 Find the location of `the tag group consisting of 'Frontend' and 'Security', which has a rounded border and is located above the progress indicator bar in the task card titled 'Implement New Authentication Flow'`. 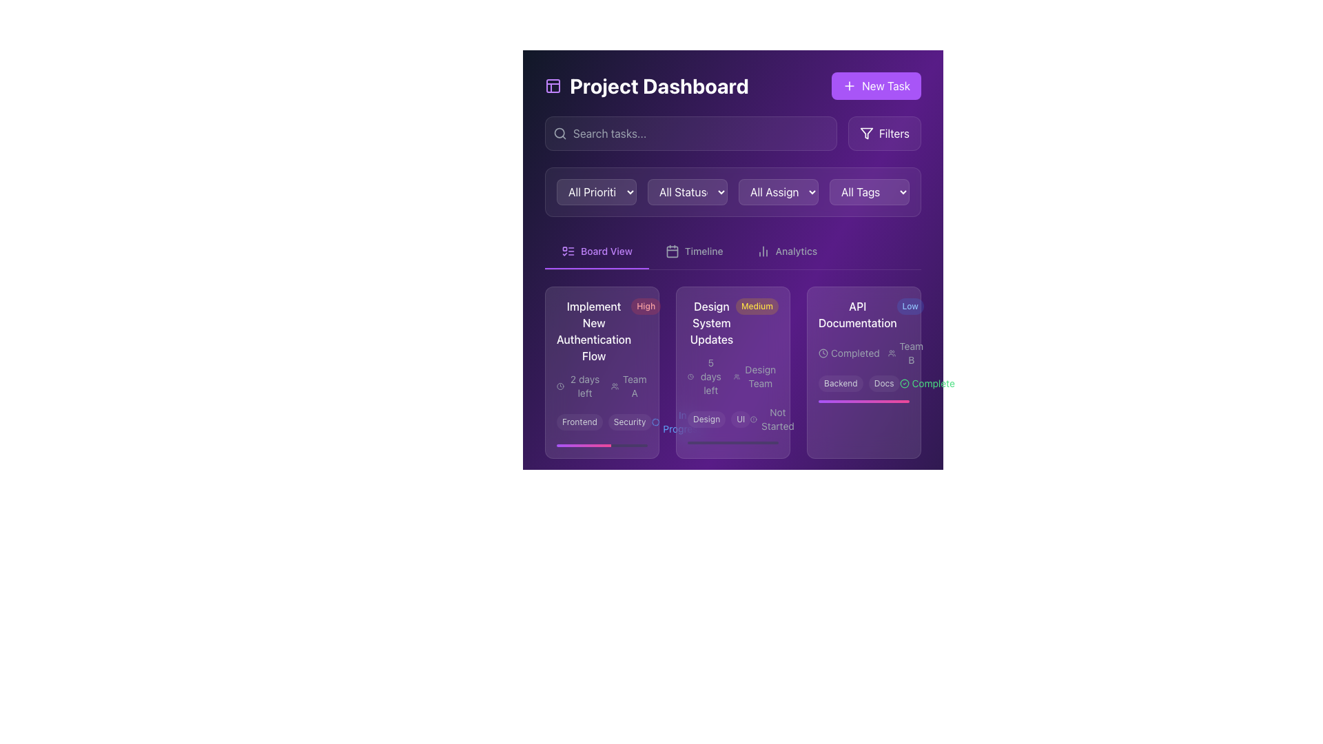

the tag group consisting of 'Frontend' and 'Security', which has a rounded border and is located above the progress indicator bar in the task card titled 'Implement New Authentication Flow' is located at coordinates (604, 422).